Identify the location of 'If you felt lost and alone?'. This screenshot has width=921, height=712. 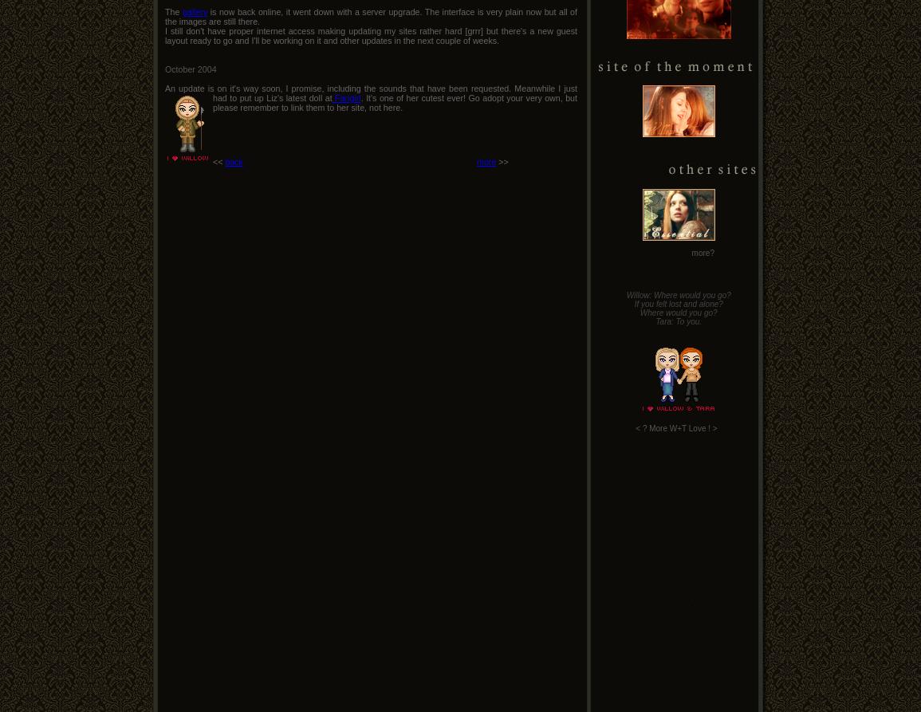
(633, 304).